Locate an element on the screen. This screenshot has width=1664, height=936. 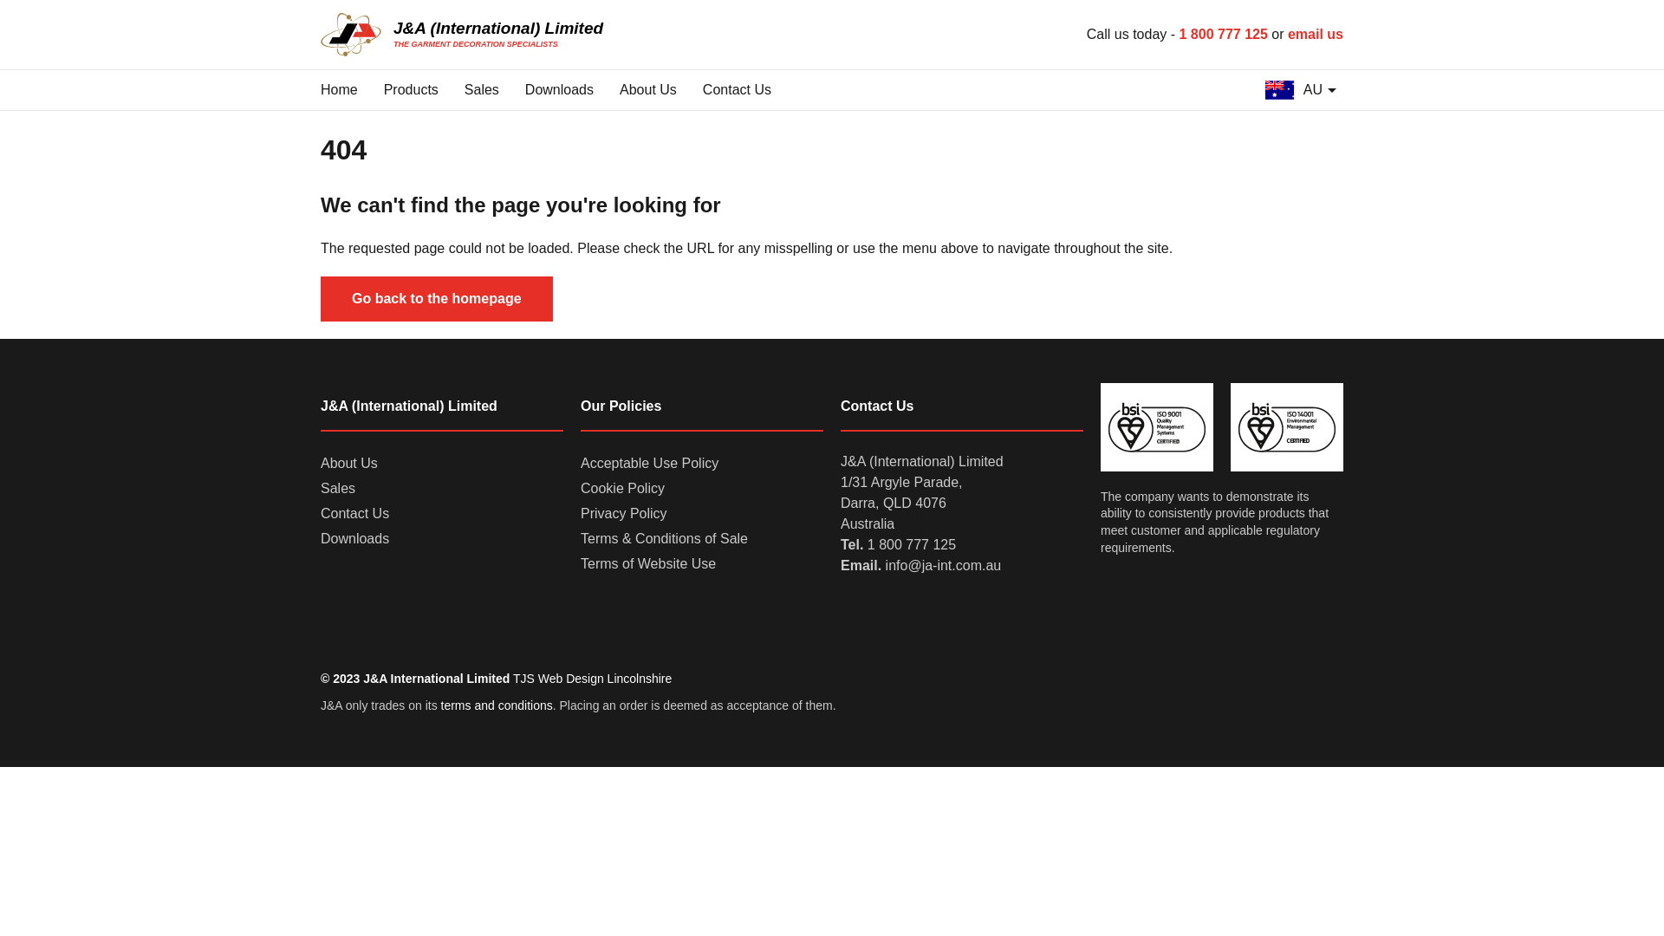
'Privacy Policy' is located at coordinates (624, 513).